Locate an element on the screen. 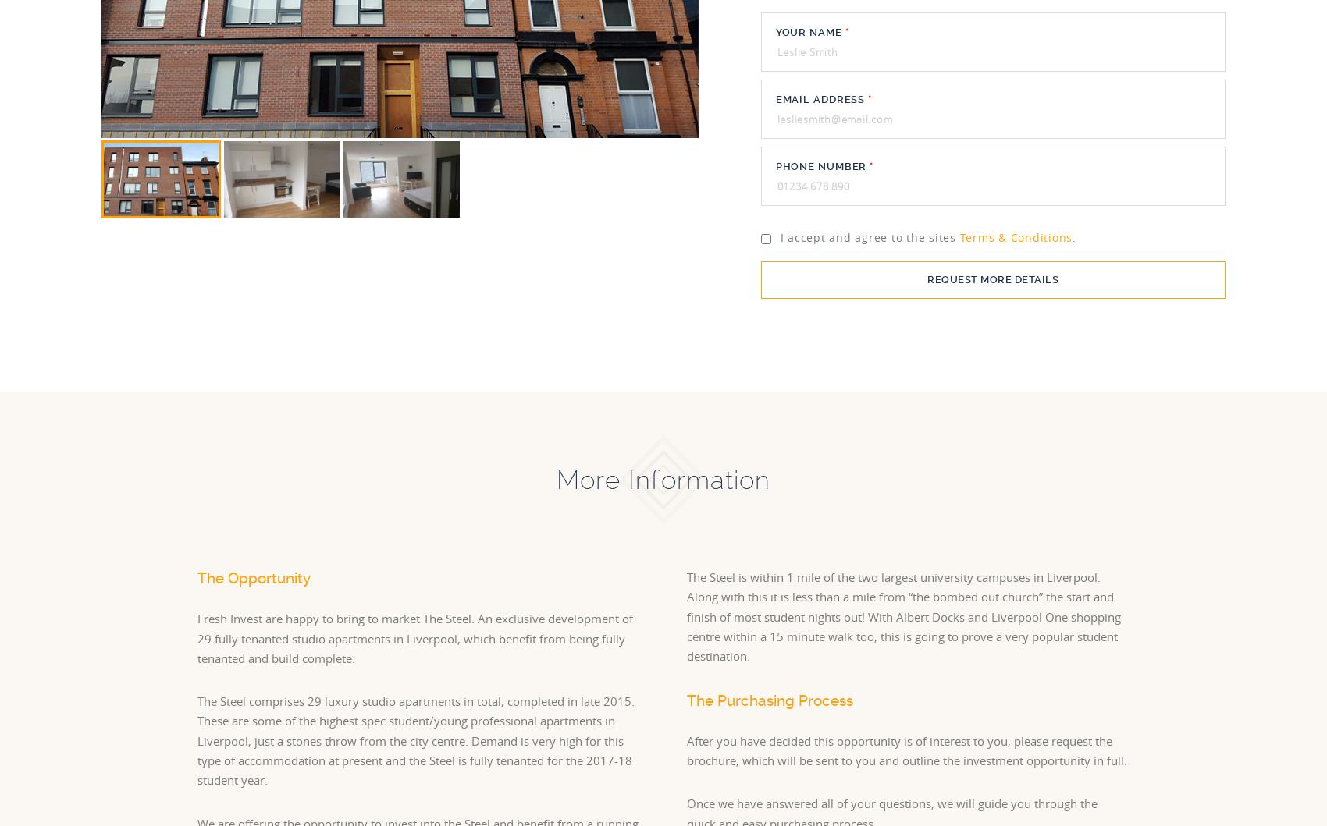  'Fresh Invest are happy to bring to market The Steel. An exclusive development of 29 fully tenanted studio apartments in Liverpool, which benefit from being fully tenanted and build complete.' is located at coordinates (196, 636).